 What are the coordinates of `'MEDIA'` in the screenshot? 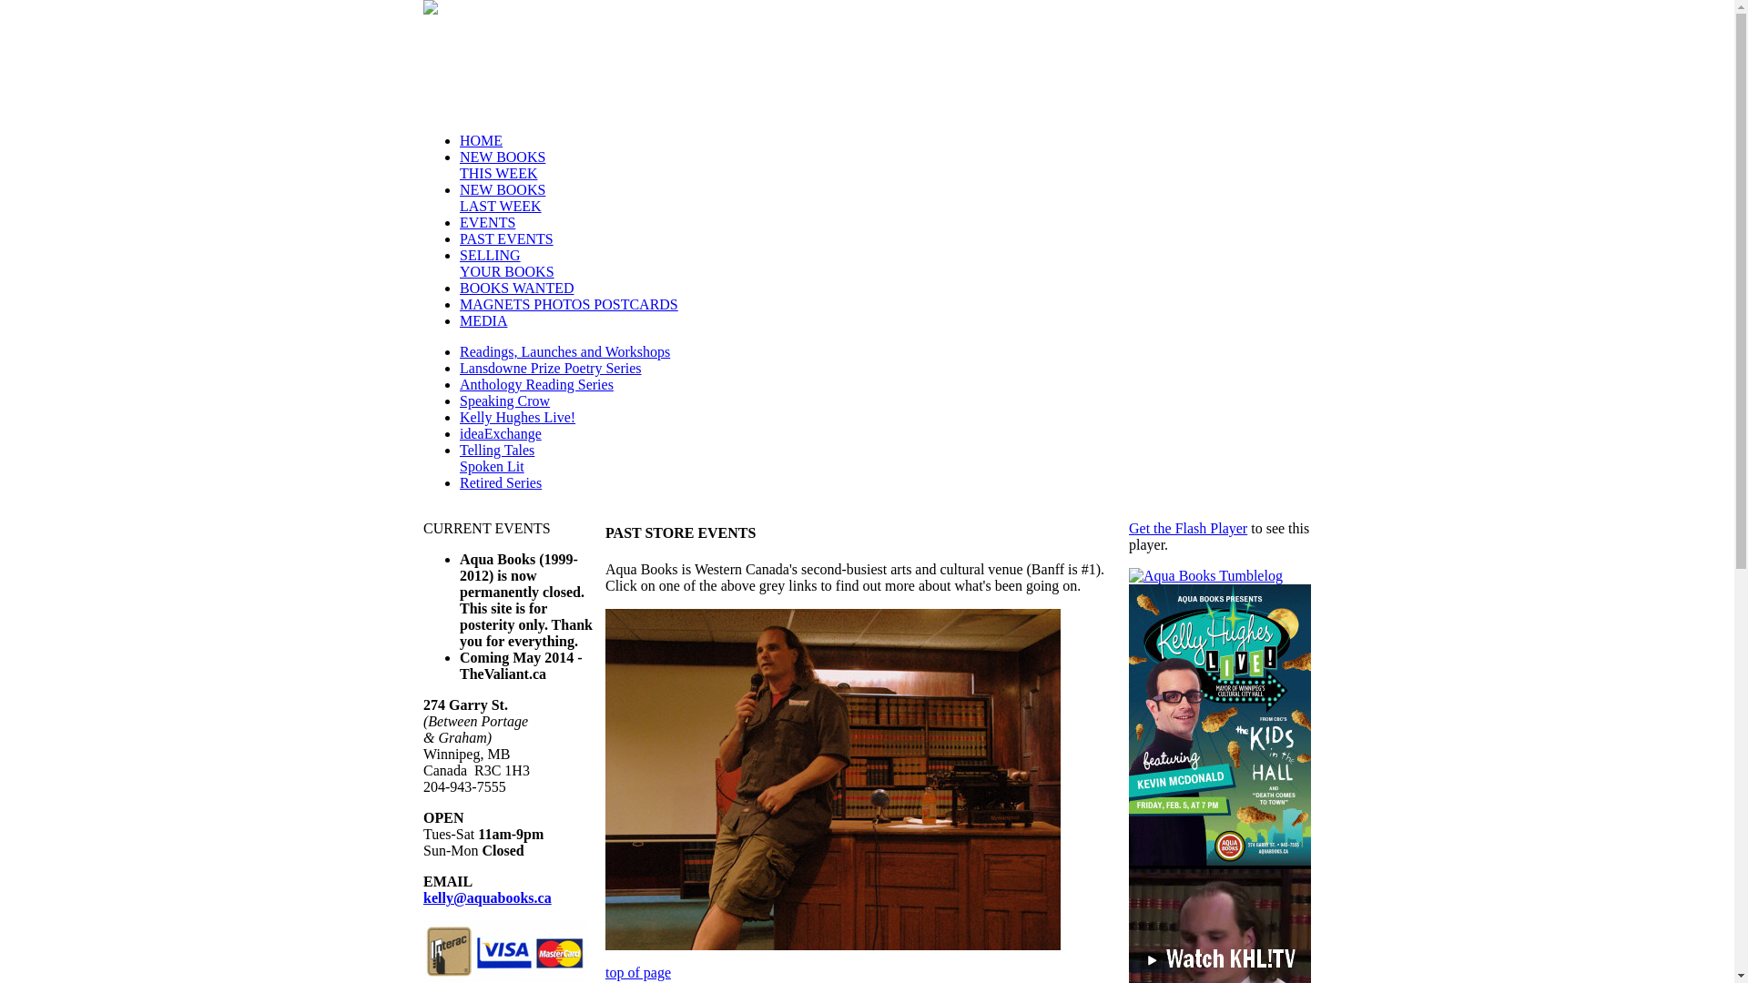 It's located at (483, 319).